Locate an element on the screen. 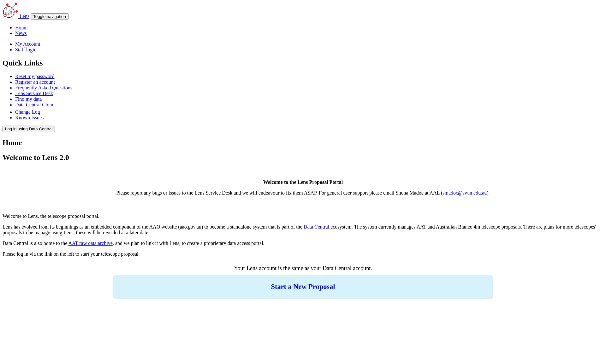  'Start a New Proposal' is located at coordinates (303, 286).